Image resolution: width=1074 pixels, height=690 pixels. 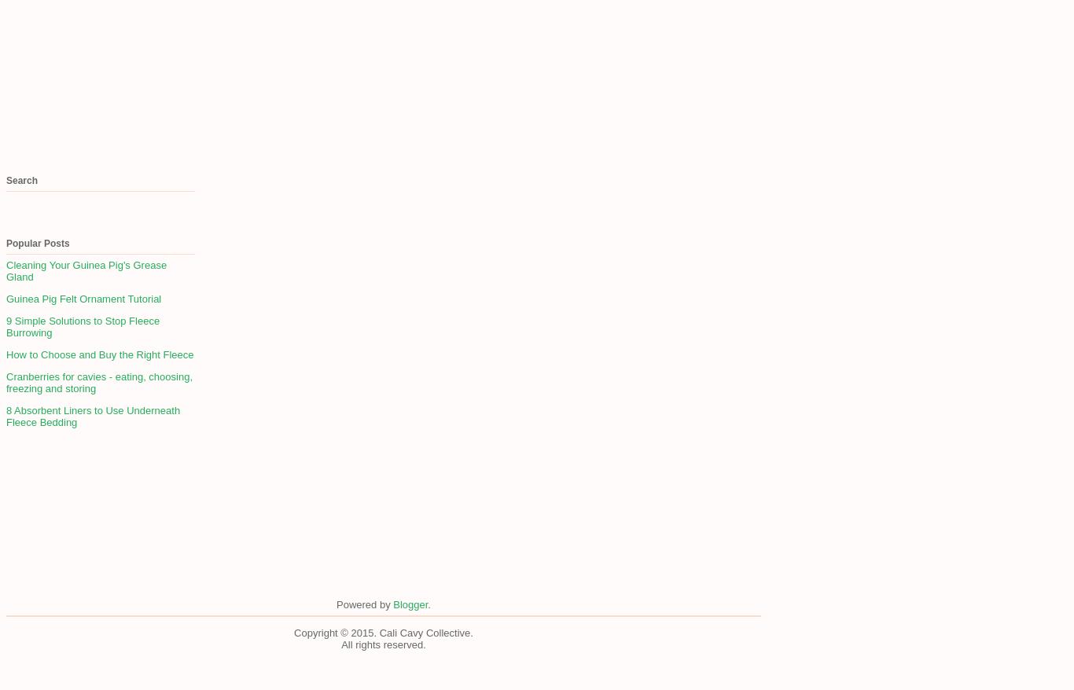 I want to click on '9 Simple Solutions to Stop Fleece Burrowing', so click(x=6, y=326).